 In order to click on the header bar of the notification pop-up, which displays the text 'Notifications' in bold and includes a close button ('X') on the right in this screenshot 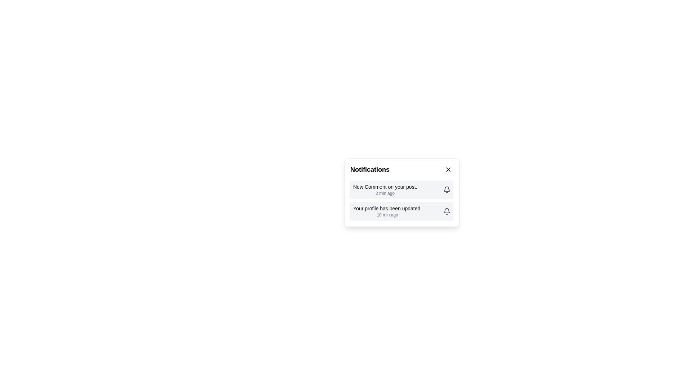, I will do `click(401, 169)`.